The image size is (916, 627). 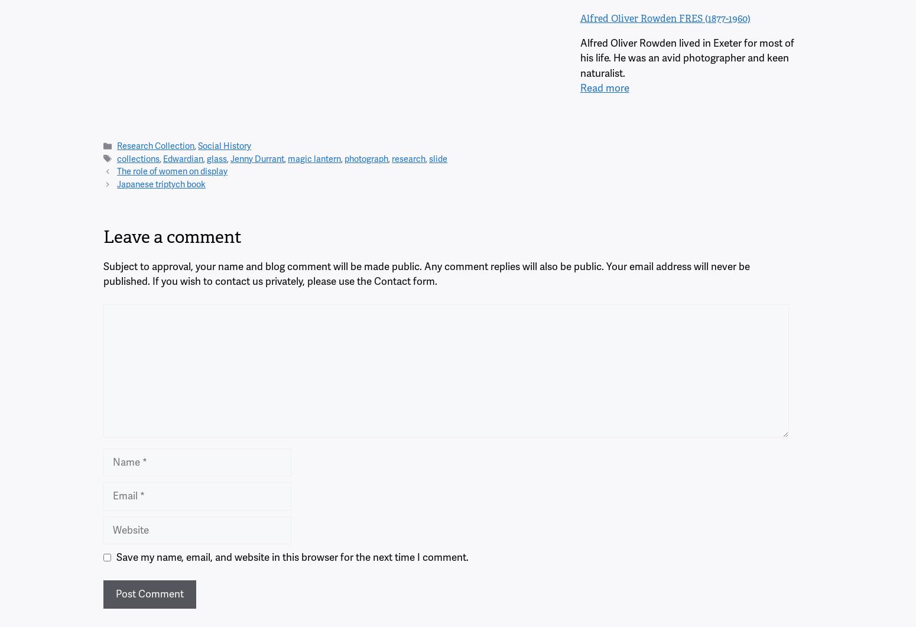 What do you see at coordinates (408, 158) in the screenshot?
I see `'research'` at bounding box center [408, 158].